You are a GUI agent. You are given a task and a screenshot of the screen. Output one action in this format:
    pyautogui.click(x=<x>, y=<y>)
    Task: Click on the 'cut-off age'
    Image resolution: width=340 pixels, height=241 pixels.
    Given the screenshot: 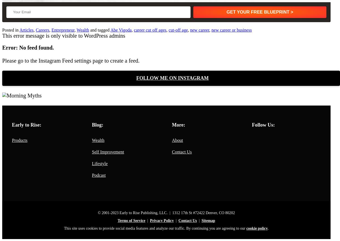 What is the action you would take?
    pyautogui.click(x=178, y=30)
    